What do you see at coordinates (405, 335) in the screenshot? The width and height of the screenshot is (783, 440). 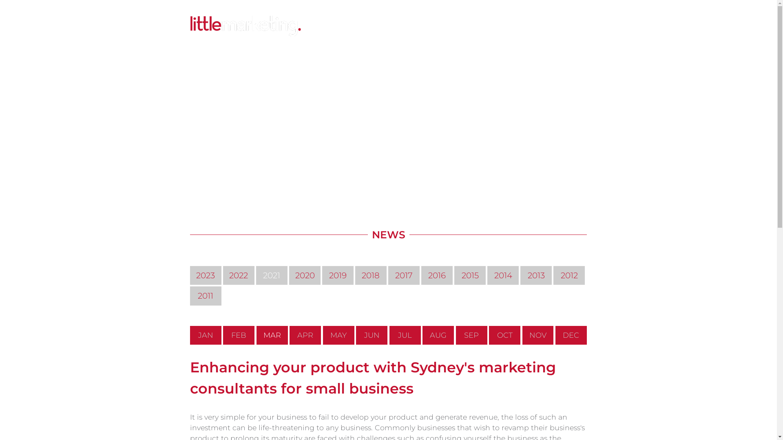 I see `'JUL'` at bounding box center [405, 335].